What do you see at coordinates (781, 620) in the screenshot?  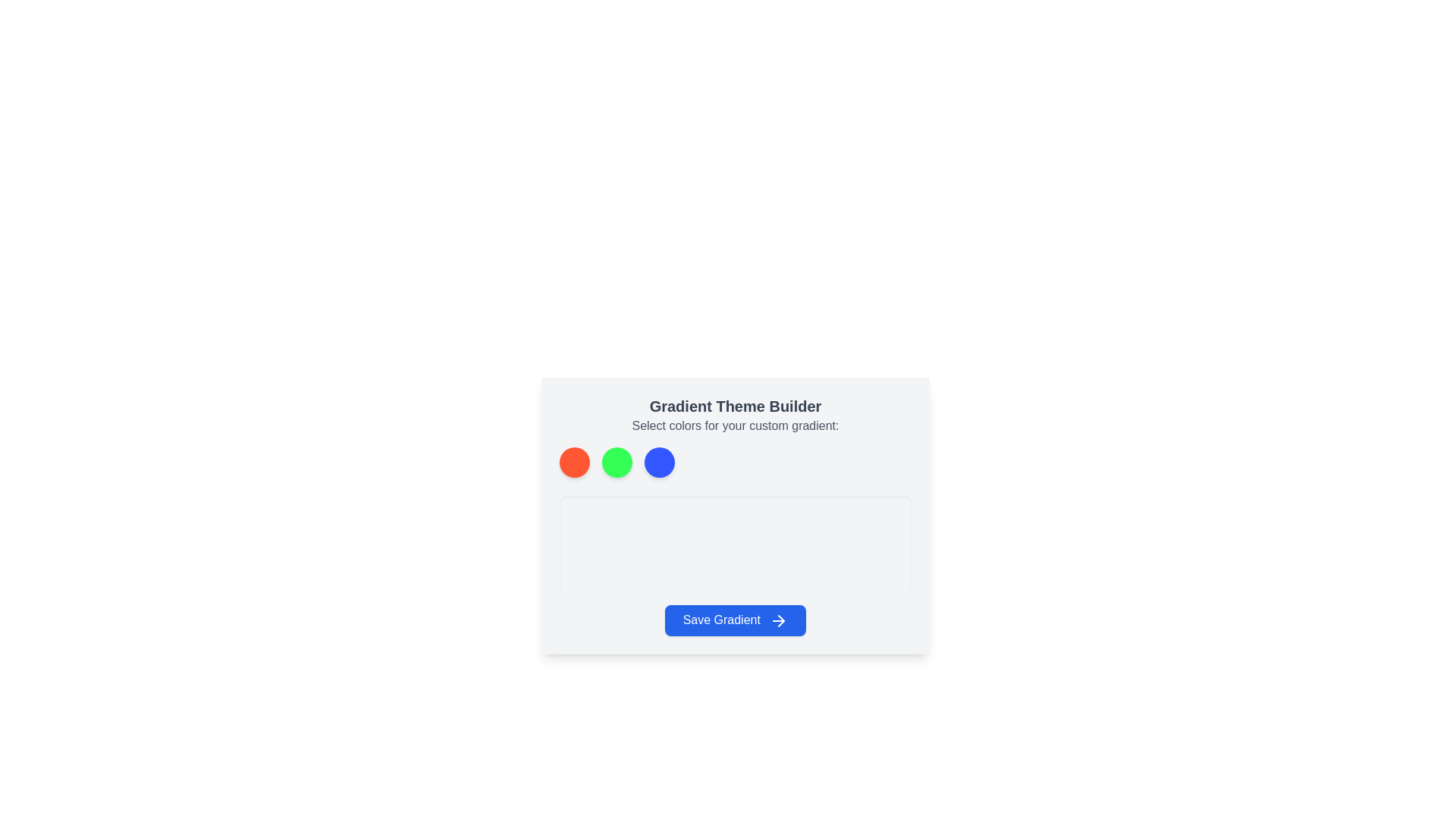 I see `the arrow symbol icon located at the right end of the 'Save Gradient' button, which indicates direction for progression or navigation` at bounding box center [781, 620].